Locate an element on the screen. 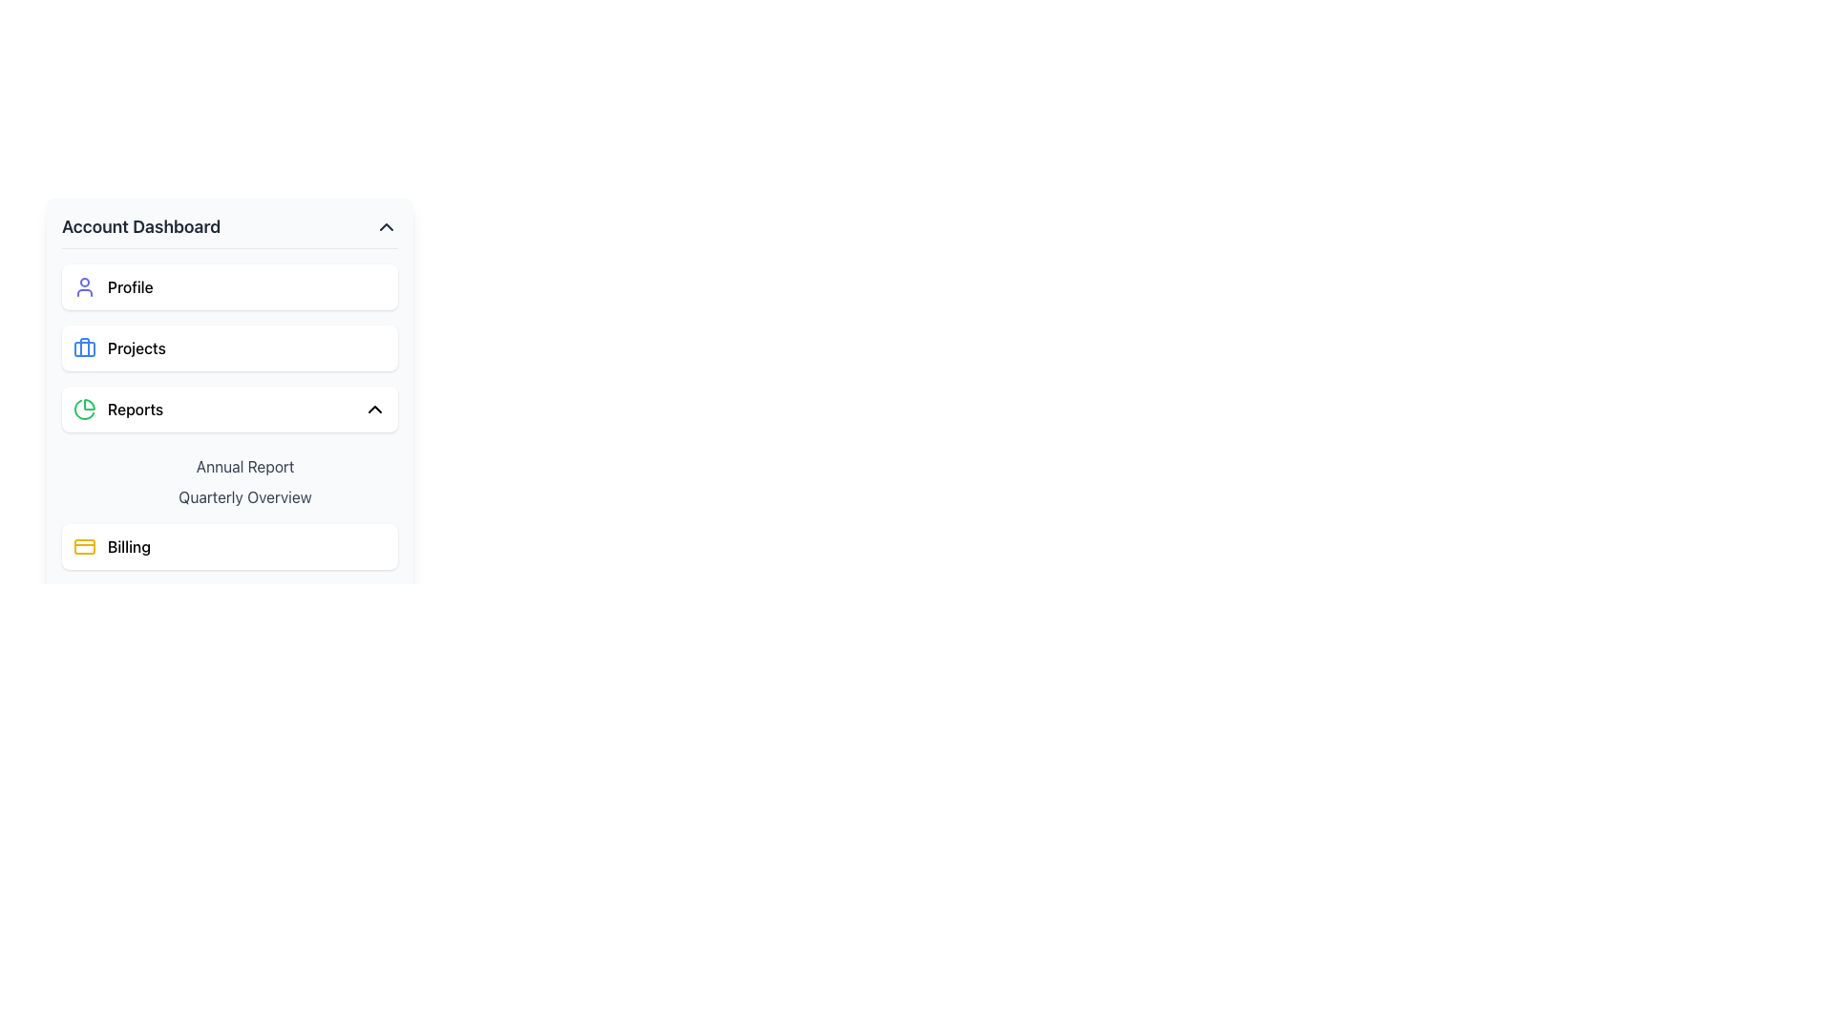 This screenshot has height=1031, width=1833. the graphical shape representing the body of the briefcase in the 'Projects' menu item within the SVG element is located at coordinates (84, 349).